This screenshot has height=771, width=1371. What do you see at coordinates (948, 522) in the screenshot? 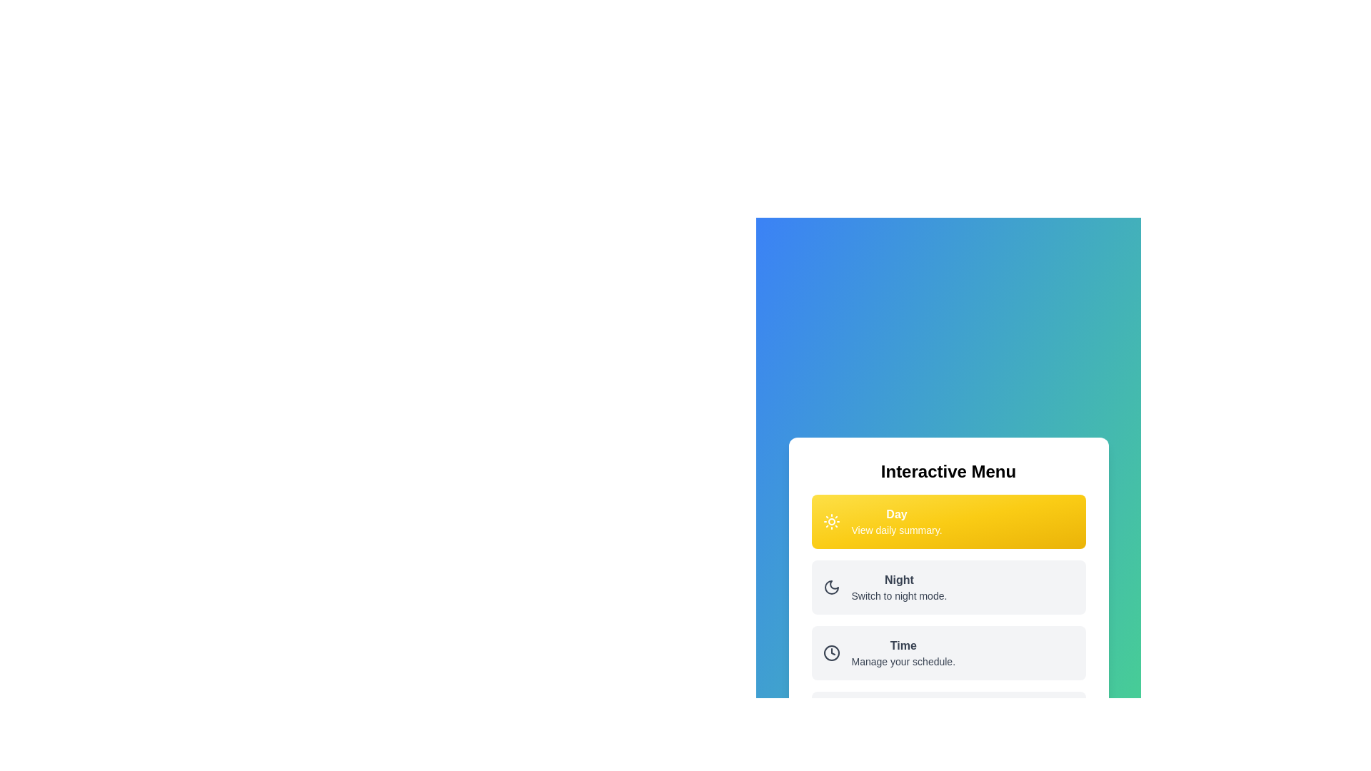
I see `the menu option Day to see its hover effect` at bounding box center [948, 522].